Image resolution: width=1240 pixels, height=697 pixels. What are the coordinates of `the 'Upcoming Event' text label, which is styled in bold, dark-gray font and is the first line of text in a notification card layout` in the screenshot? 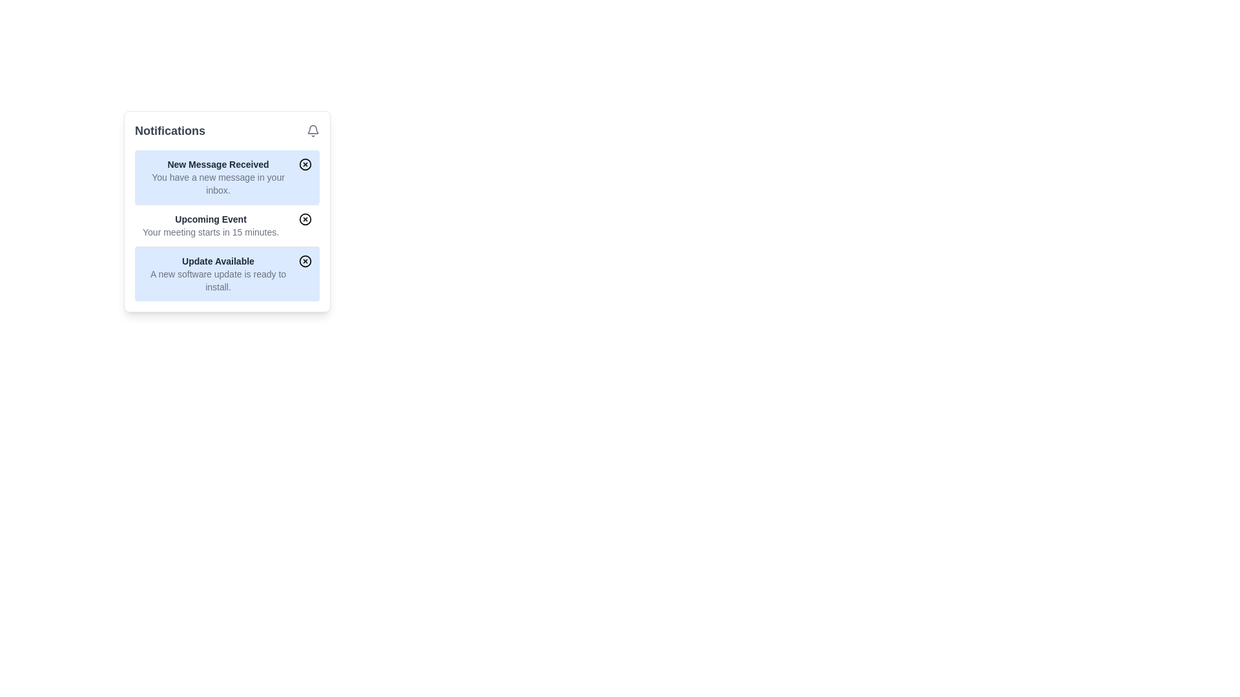 It's located at (211, 218).